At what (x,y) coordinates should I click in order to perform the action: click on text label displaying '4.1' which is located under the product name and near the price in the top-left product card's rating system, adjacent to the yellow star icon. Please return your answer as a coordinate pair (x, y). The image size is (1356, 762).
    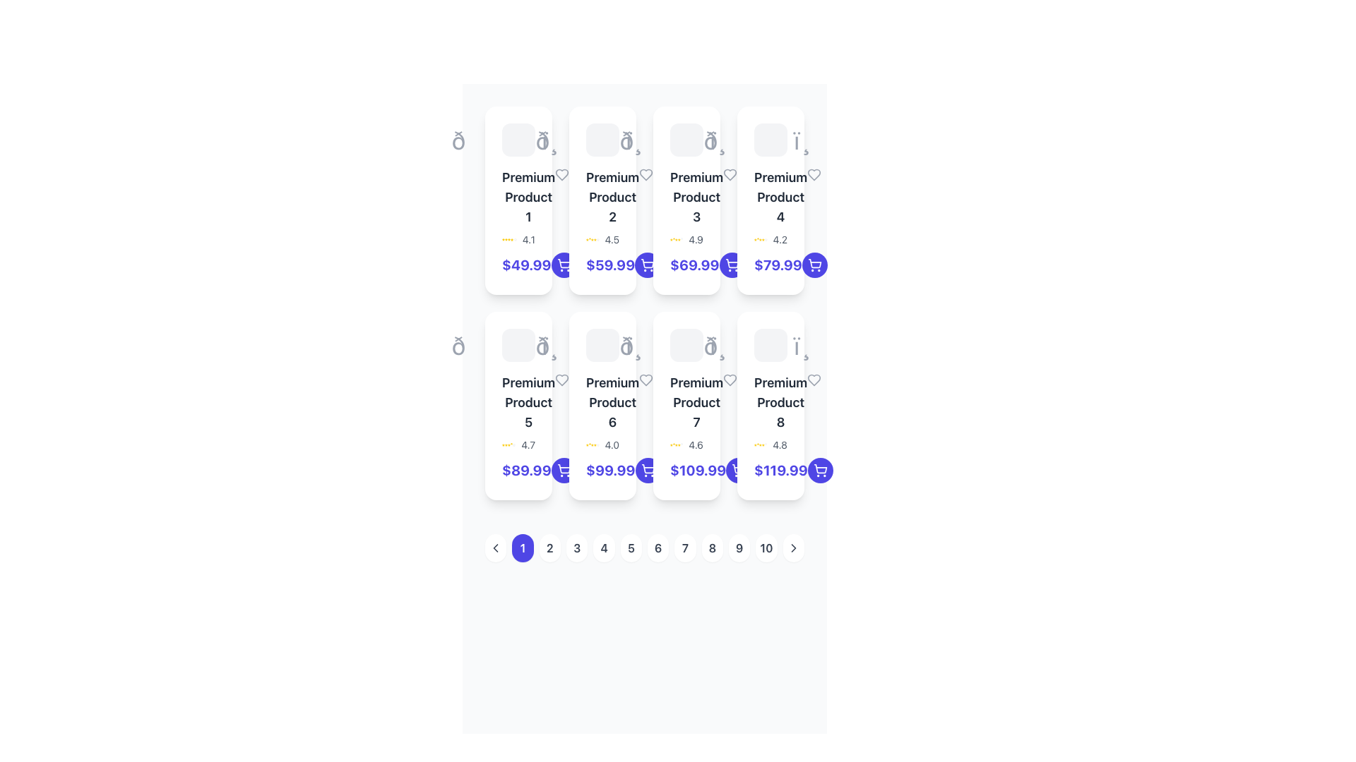
    Looking at the image, I should click on (528, 238).